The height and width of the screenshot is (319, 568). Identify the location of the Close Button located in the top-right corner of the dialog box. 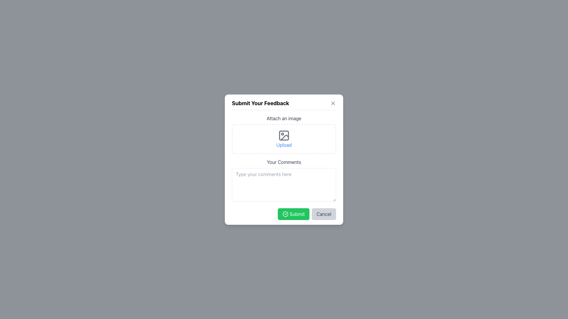
(333, 103).